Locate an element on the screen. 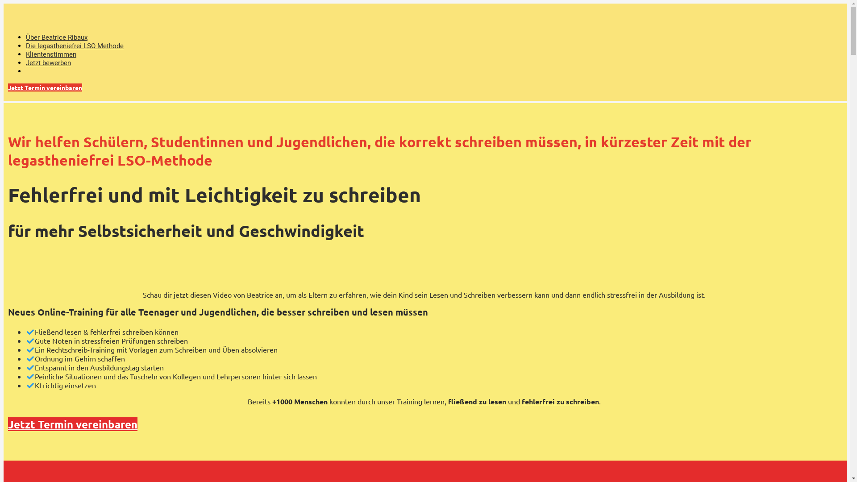 The height and width of the screenshot is (482, 857). 'Jetzt Termin vereinbaren' is located at coordinates (44, 87).